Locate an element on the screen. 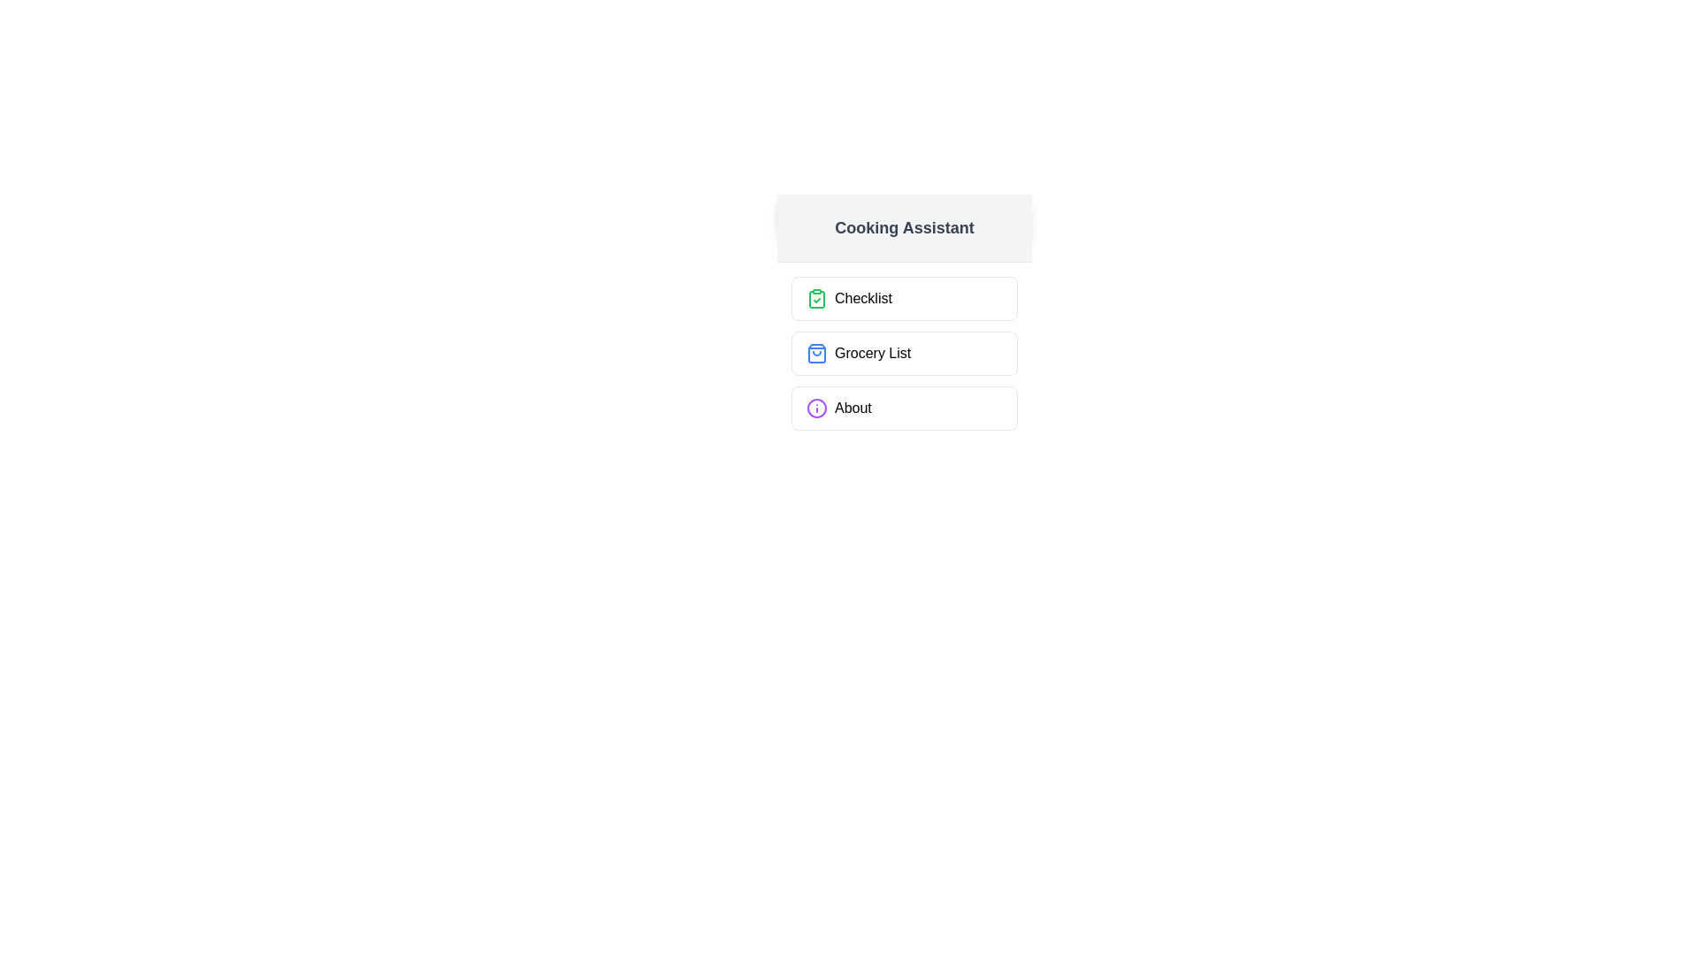  the 'Checklist' button is located at coordinates (904, 298).